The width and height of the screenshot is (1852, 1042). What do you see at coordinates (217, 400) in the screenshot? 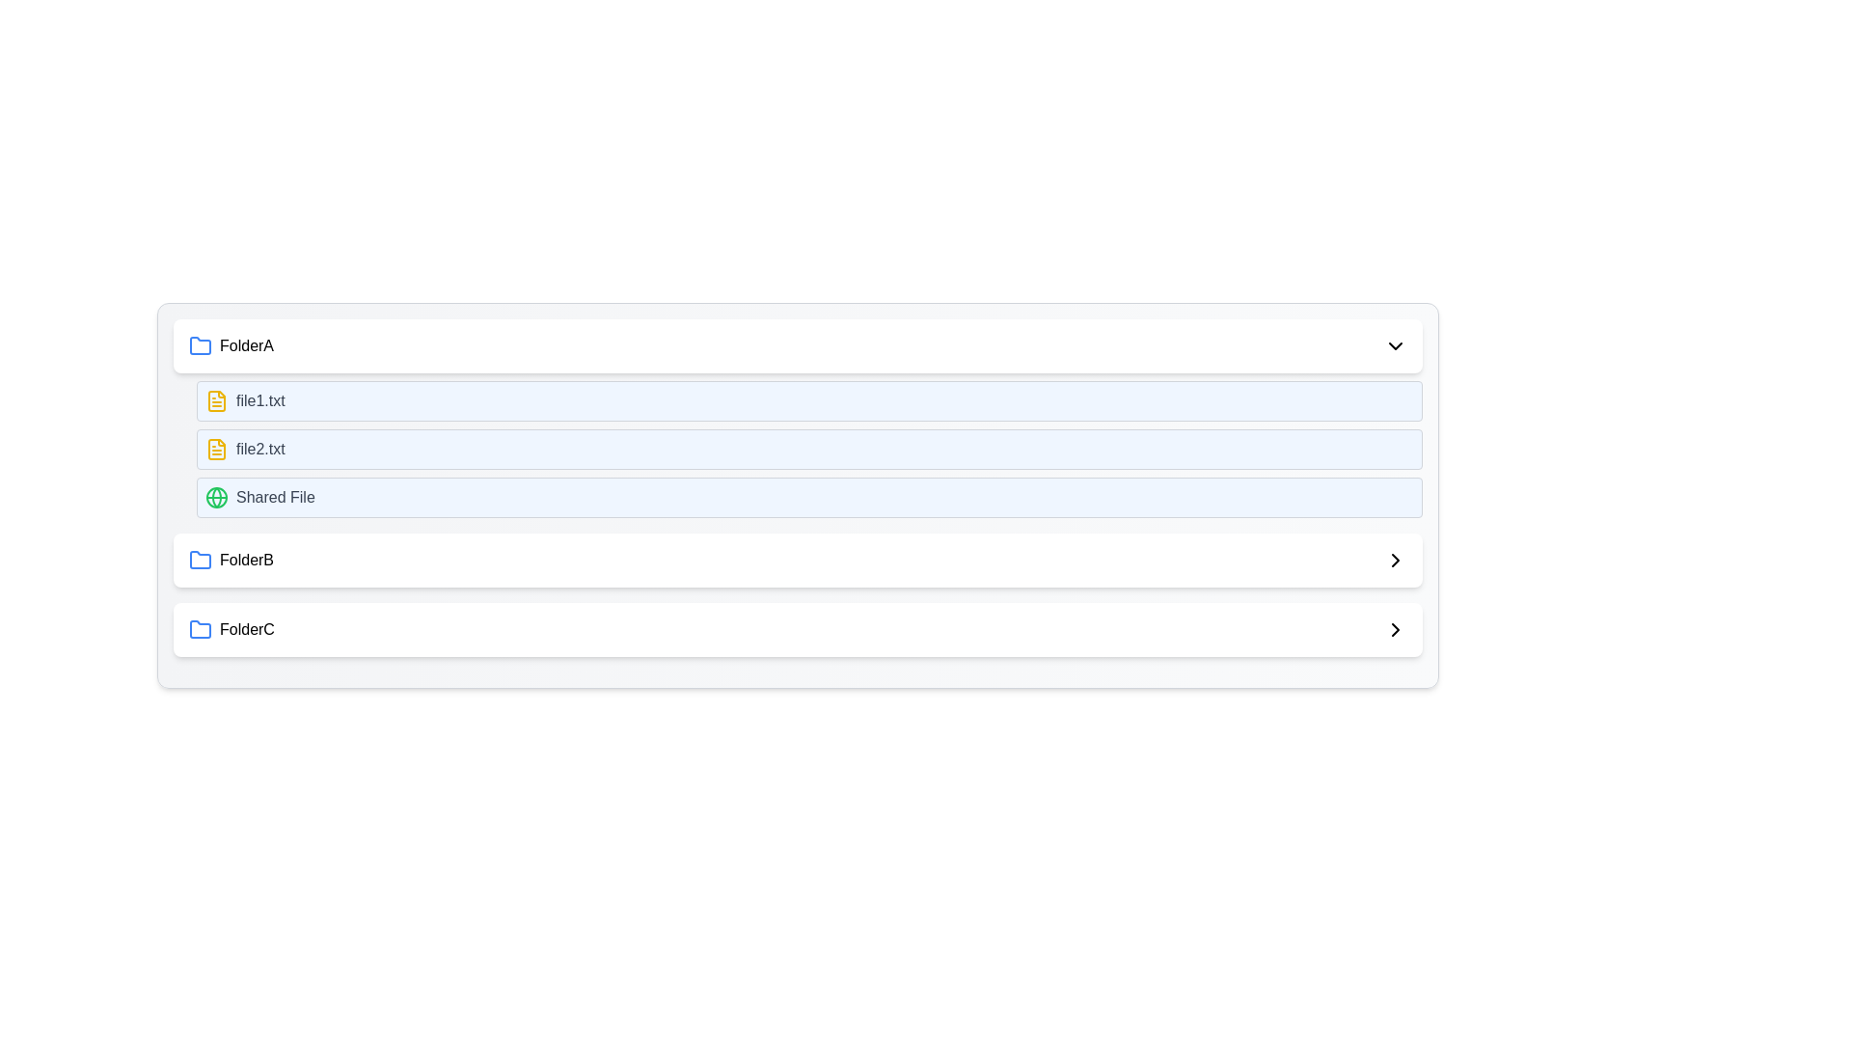
I see `the yellow document icon representing 'file1.txt'` at bounding box center [217, 400].